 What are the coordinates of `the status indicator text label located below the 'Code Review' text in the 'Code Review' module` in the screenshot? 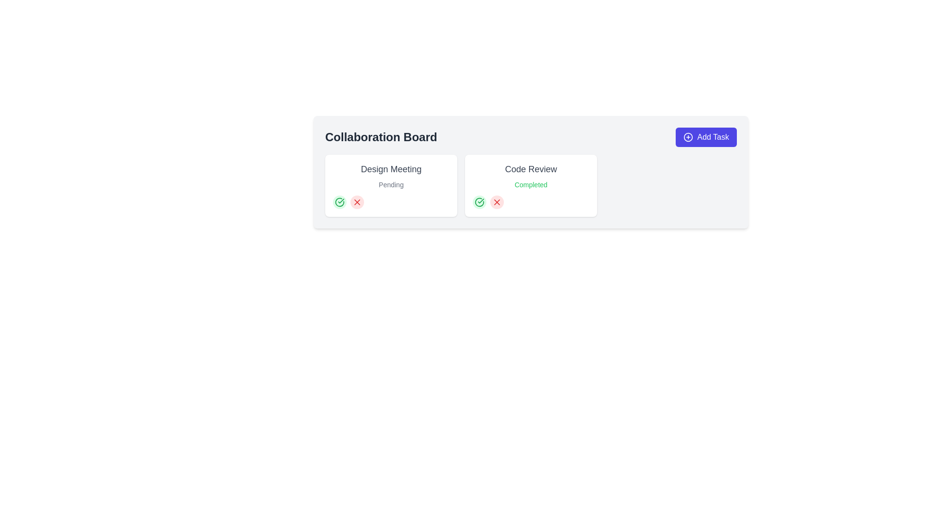 It's located at (531, 185).